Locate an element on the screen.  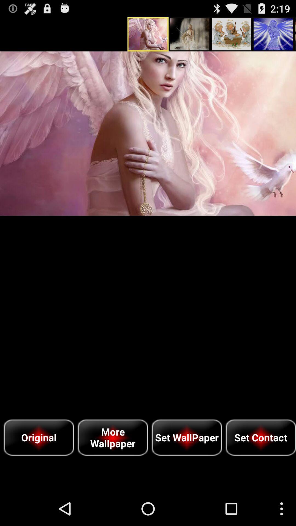
item to the right of set wallpaper is located at coordinates (260, 437).